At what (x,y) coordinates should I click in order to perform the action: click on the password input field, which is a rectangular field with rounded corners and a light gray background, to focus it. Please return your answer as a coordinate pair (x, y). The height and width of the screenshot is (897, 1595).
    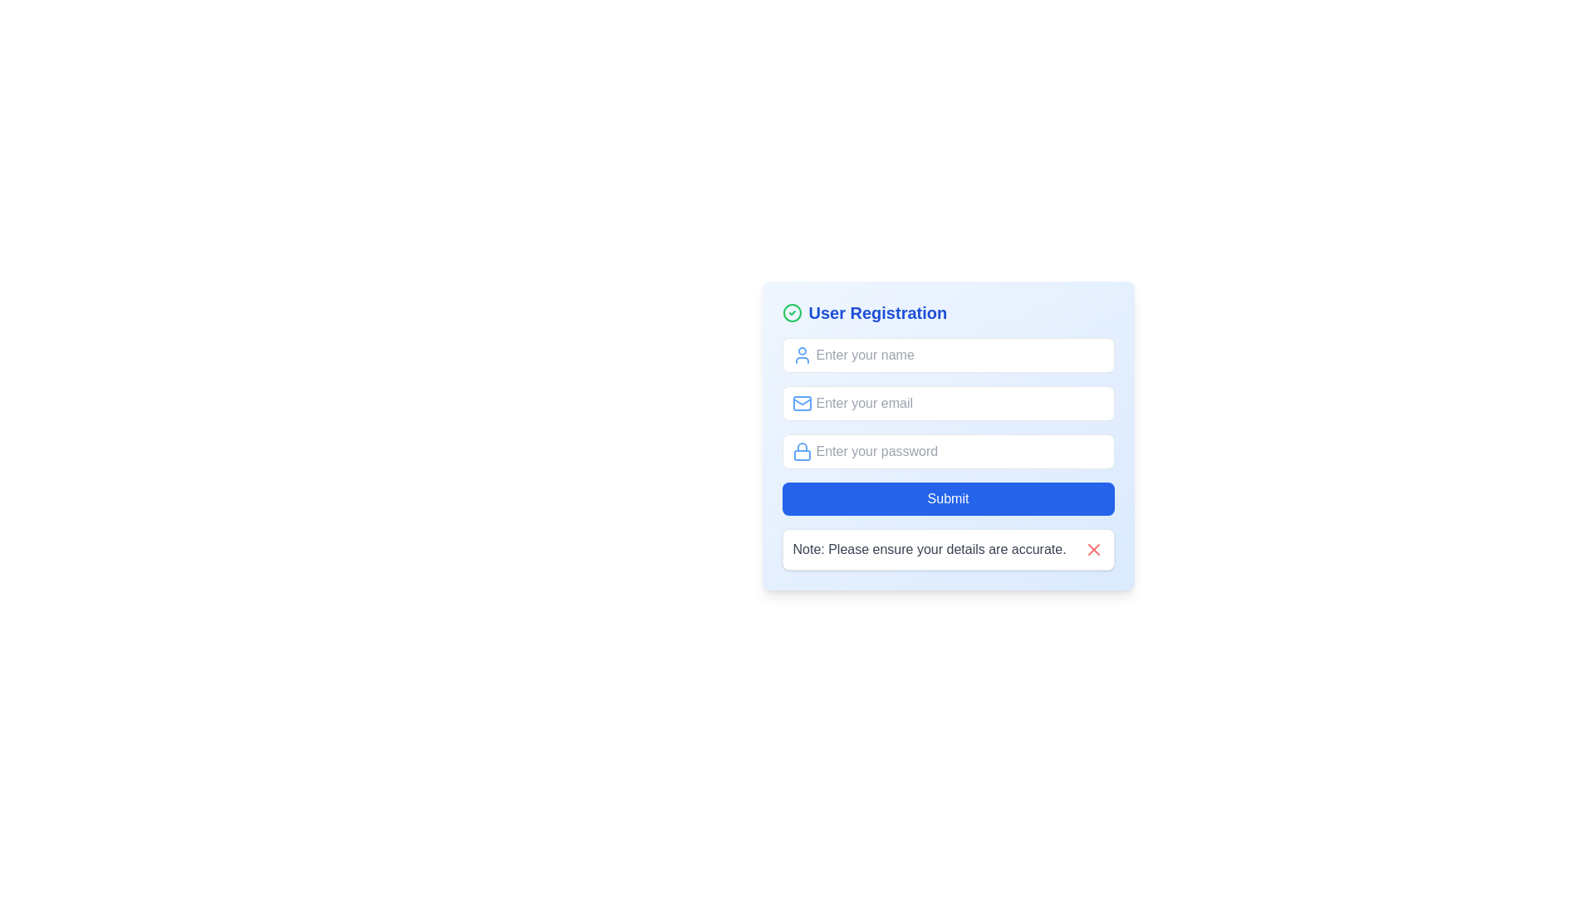
    Looking at the image, I should click on (948, 434).